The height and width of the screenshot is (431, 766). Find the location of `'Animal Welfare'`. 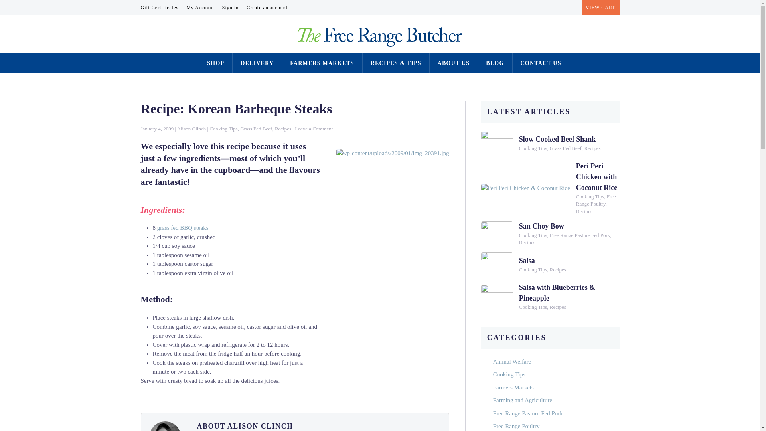

'Animal Welfare' is located at coordinates (512, 362).